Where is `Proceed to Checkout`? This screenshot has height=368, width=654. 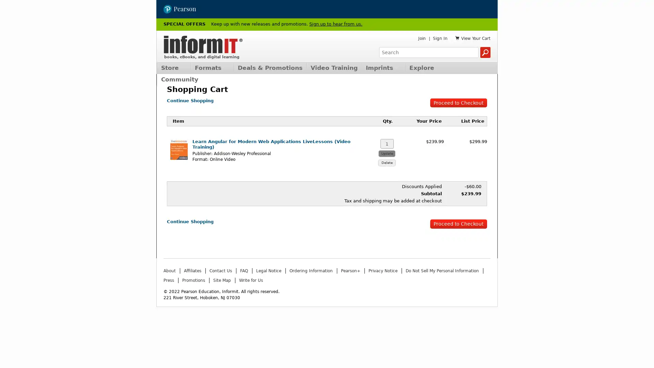 Proceed to Checkout is located at coordinates (458, 223).